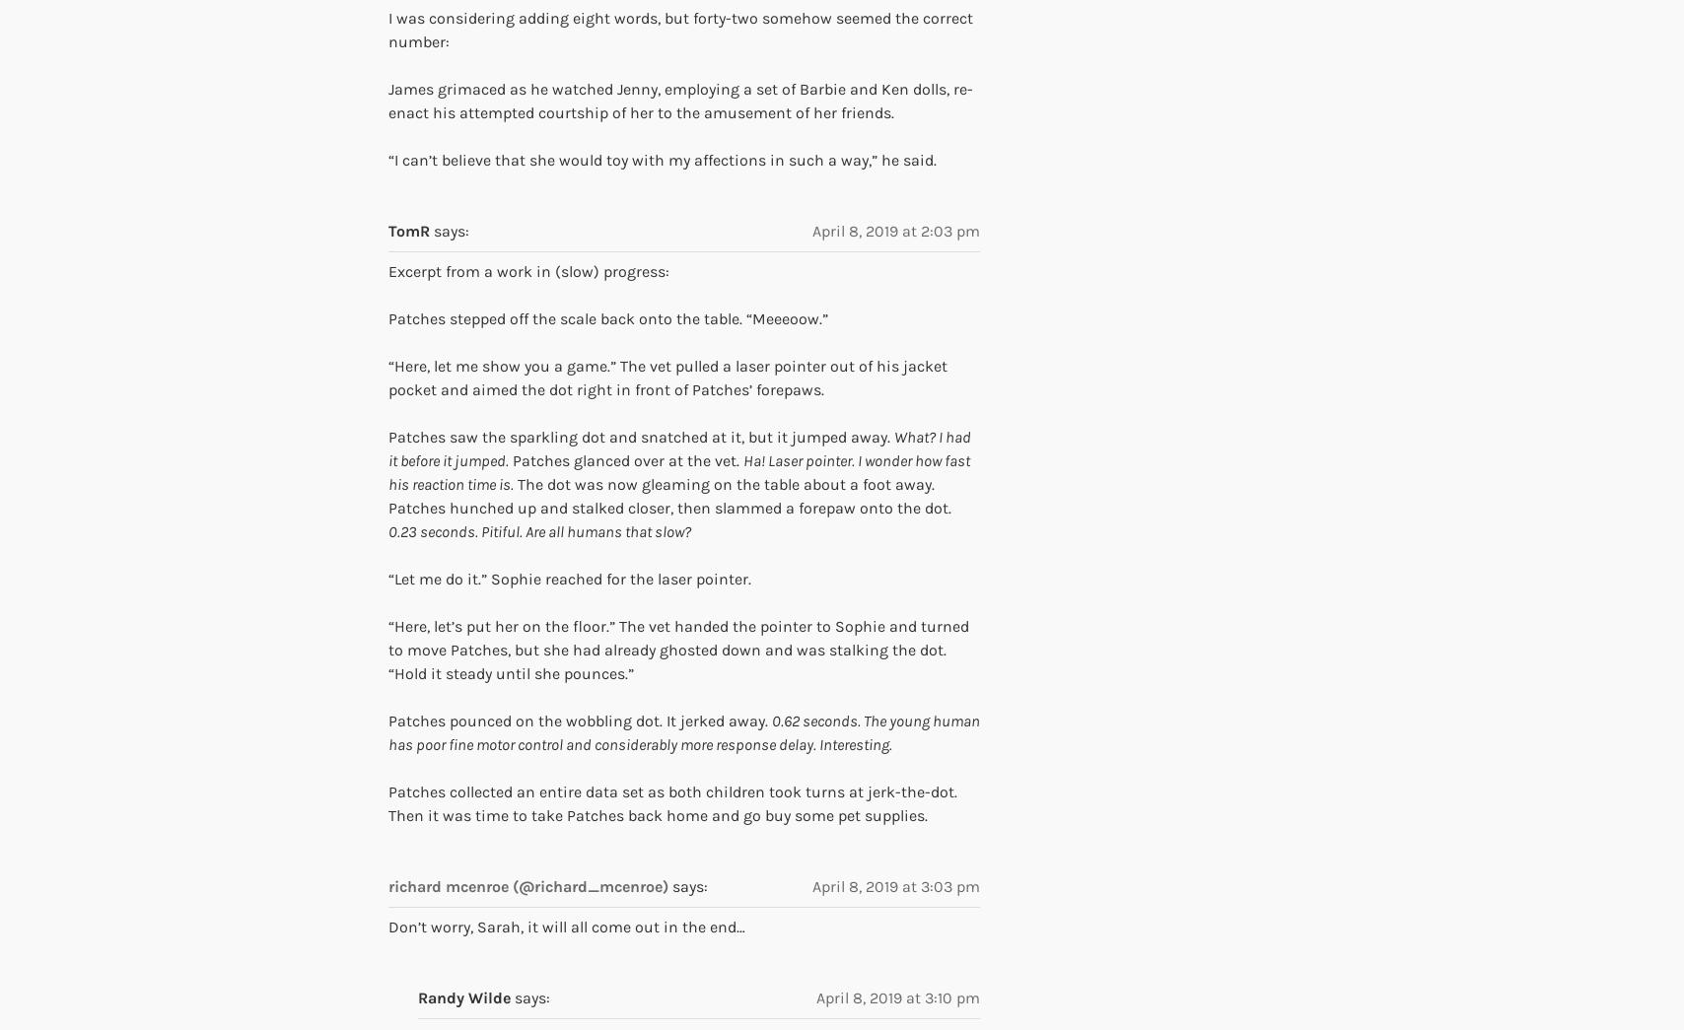 The height and width of the screenshot is (1030, 1684). Describe the element at coordinates (463, 996) in the screenshot. I see `'Randy Wilde'` at that location.